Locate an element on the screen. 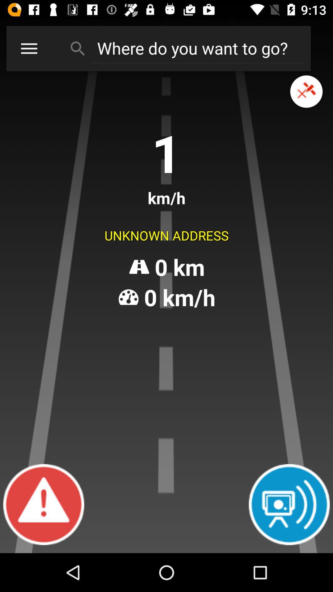 Image resolution: width=333 pixels, height=592 pixels. destination field is located at coordinates (197, 48).